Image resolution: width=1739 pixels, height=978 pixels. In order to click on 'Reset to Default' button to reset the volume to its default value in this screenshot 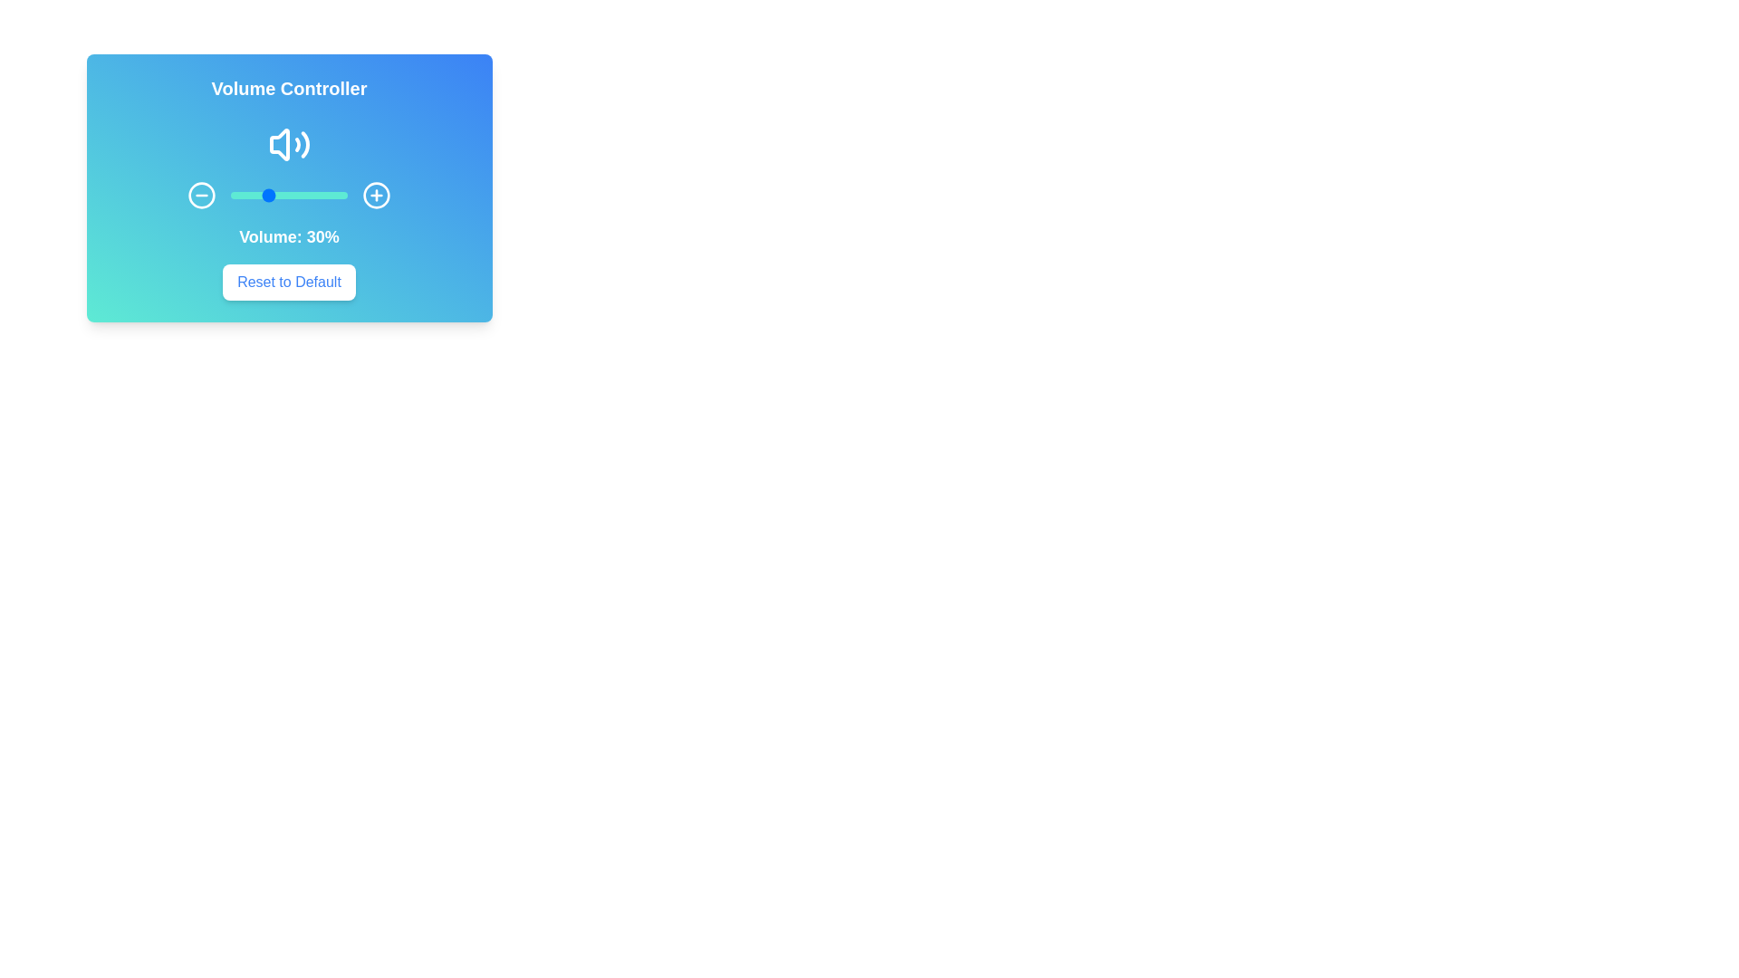, I will do `click(287, 283)`.